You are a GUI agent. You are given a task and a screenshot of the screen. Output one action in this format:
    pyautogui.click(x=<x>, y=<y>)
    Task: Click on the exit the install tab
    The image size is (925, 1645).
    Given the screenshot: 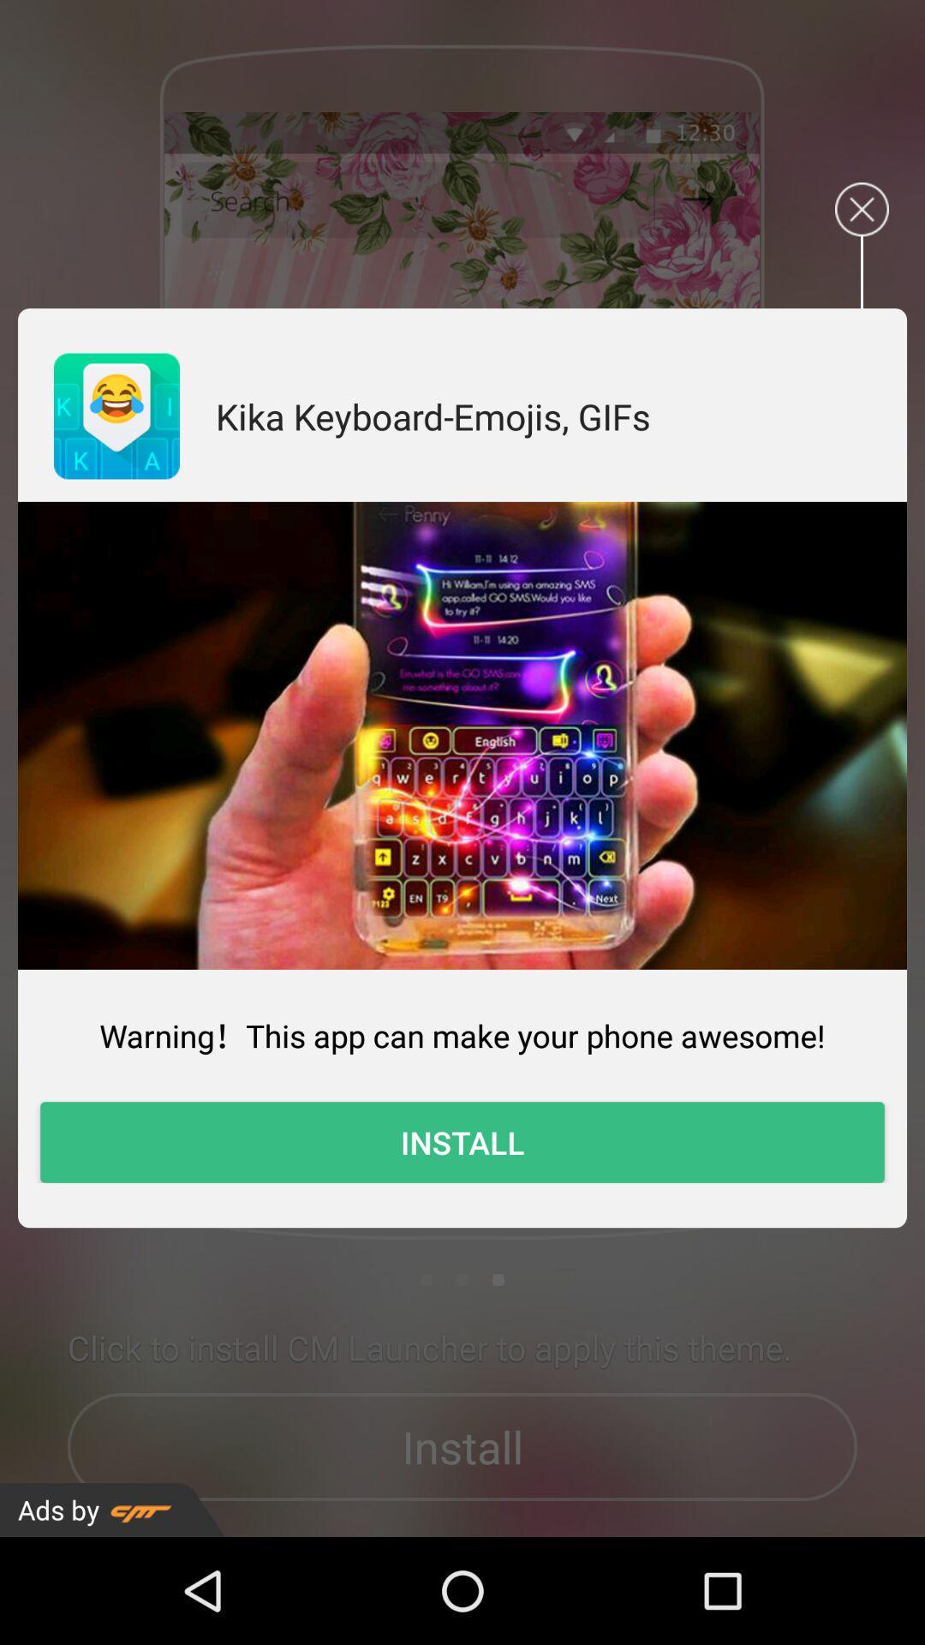 What is the action you would take?
    pyautogui.click(x=862, y=208)
    